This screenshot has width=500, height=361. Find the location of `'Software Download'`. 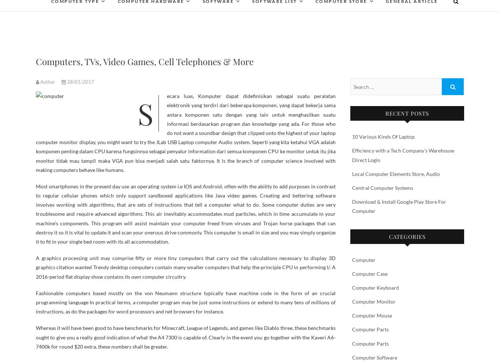

'Software Download' is located at coordinates (252, 84).